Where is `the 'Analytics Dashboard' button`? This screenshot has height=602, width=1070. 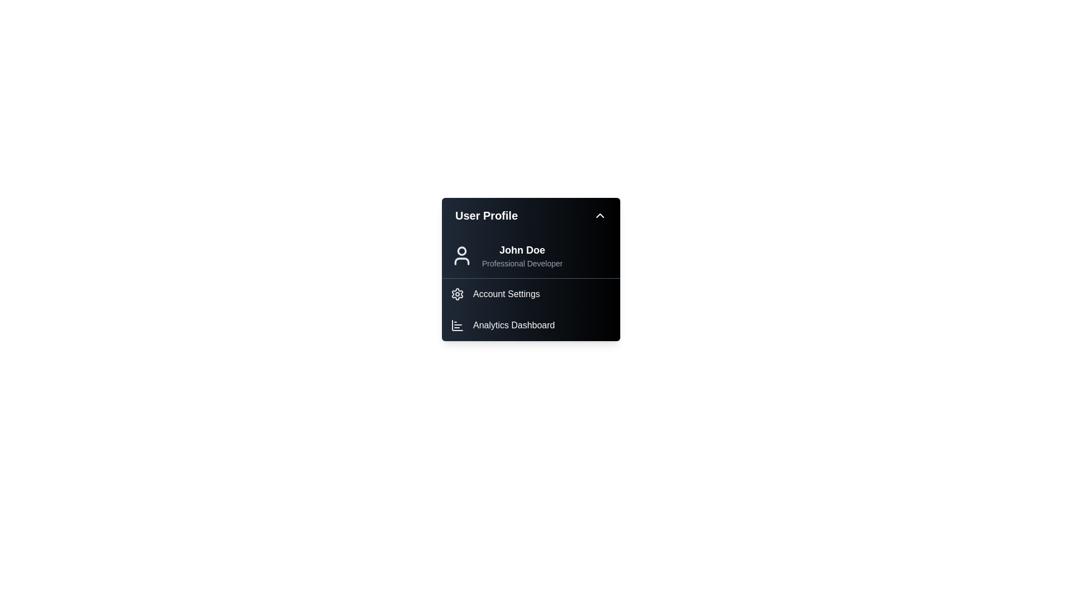
the 'Analytics Dashboard' button is located at coordinates (531, 325).